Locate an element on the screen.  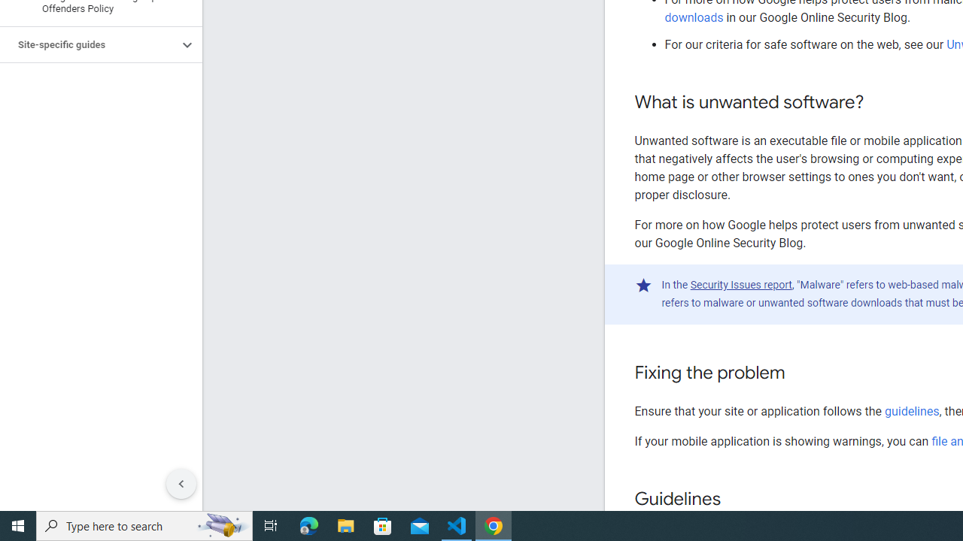
'Site-specific guides' is located at coordinates (88, 44).